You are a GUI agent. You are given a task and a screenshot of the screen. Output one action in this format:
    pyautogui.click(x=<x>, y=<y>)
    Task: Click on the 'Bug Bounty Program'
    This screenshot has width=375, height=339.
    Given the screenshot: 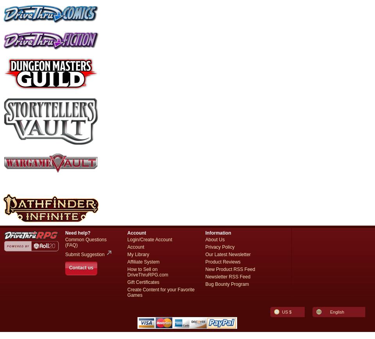 What is the action you would take?
    pyautogui.click(x=205, y=283)
    